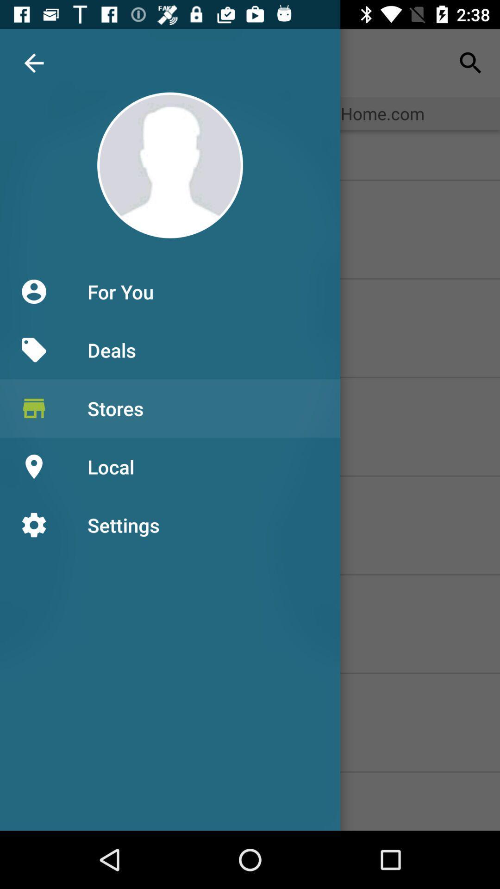  What do you see at coordinates (33, 63) in the screenshot?
I see `back arrow icon in left top corner` at bounding box center [33, 63].